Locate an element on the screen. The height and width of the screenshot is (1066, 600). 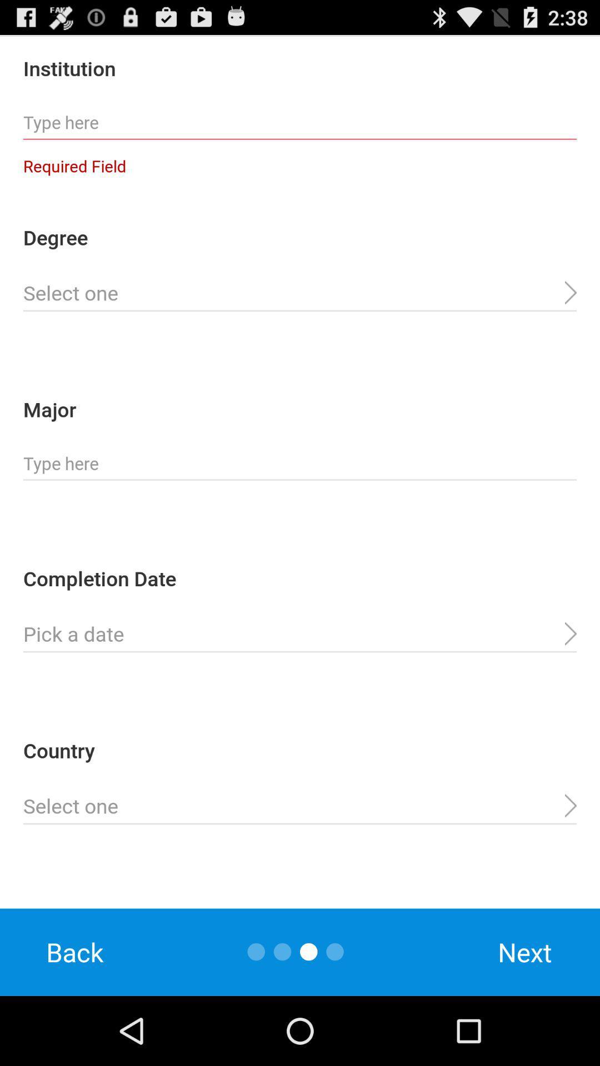
degree type is located at coordinates (300, 293).